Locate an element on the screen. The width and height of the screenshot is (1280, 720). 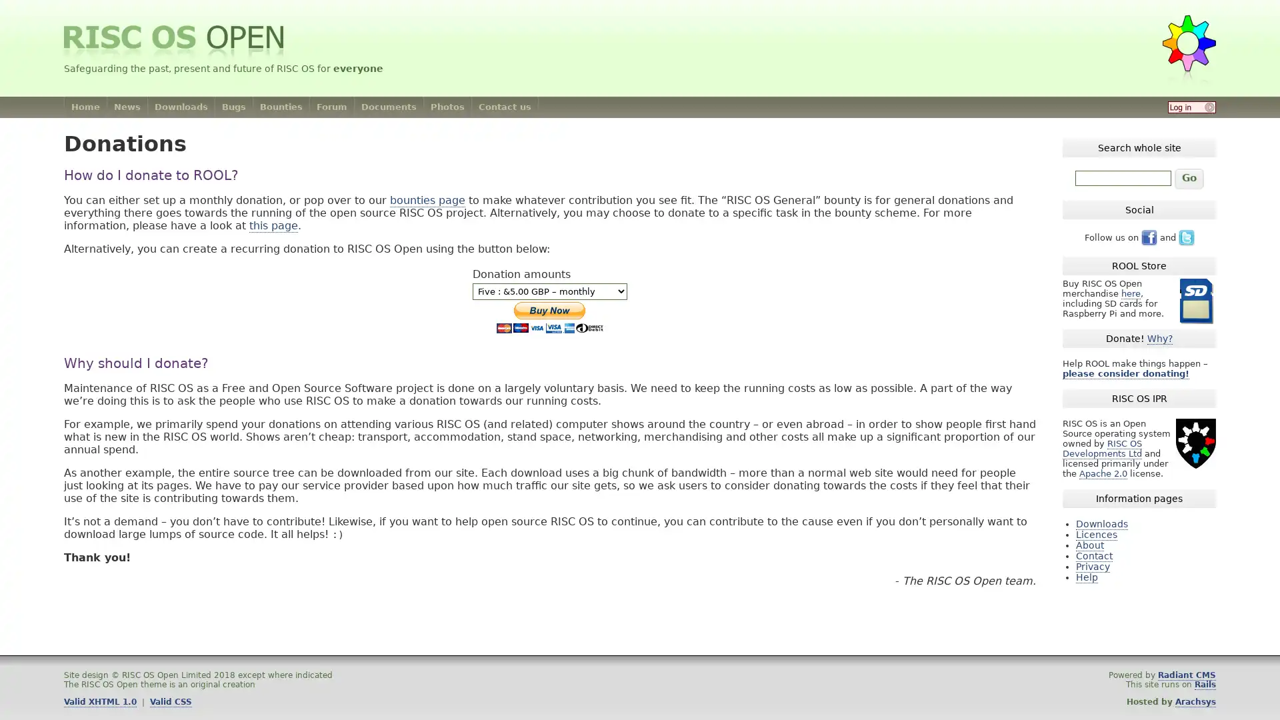
PayPal  The safer, easier way to pay online. is located at coordinates (550, 317).